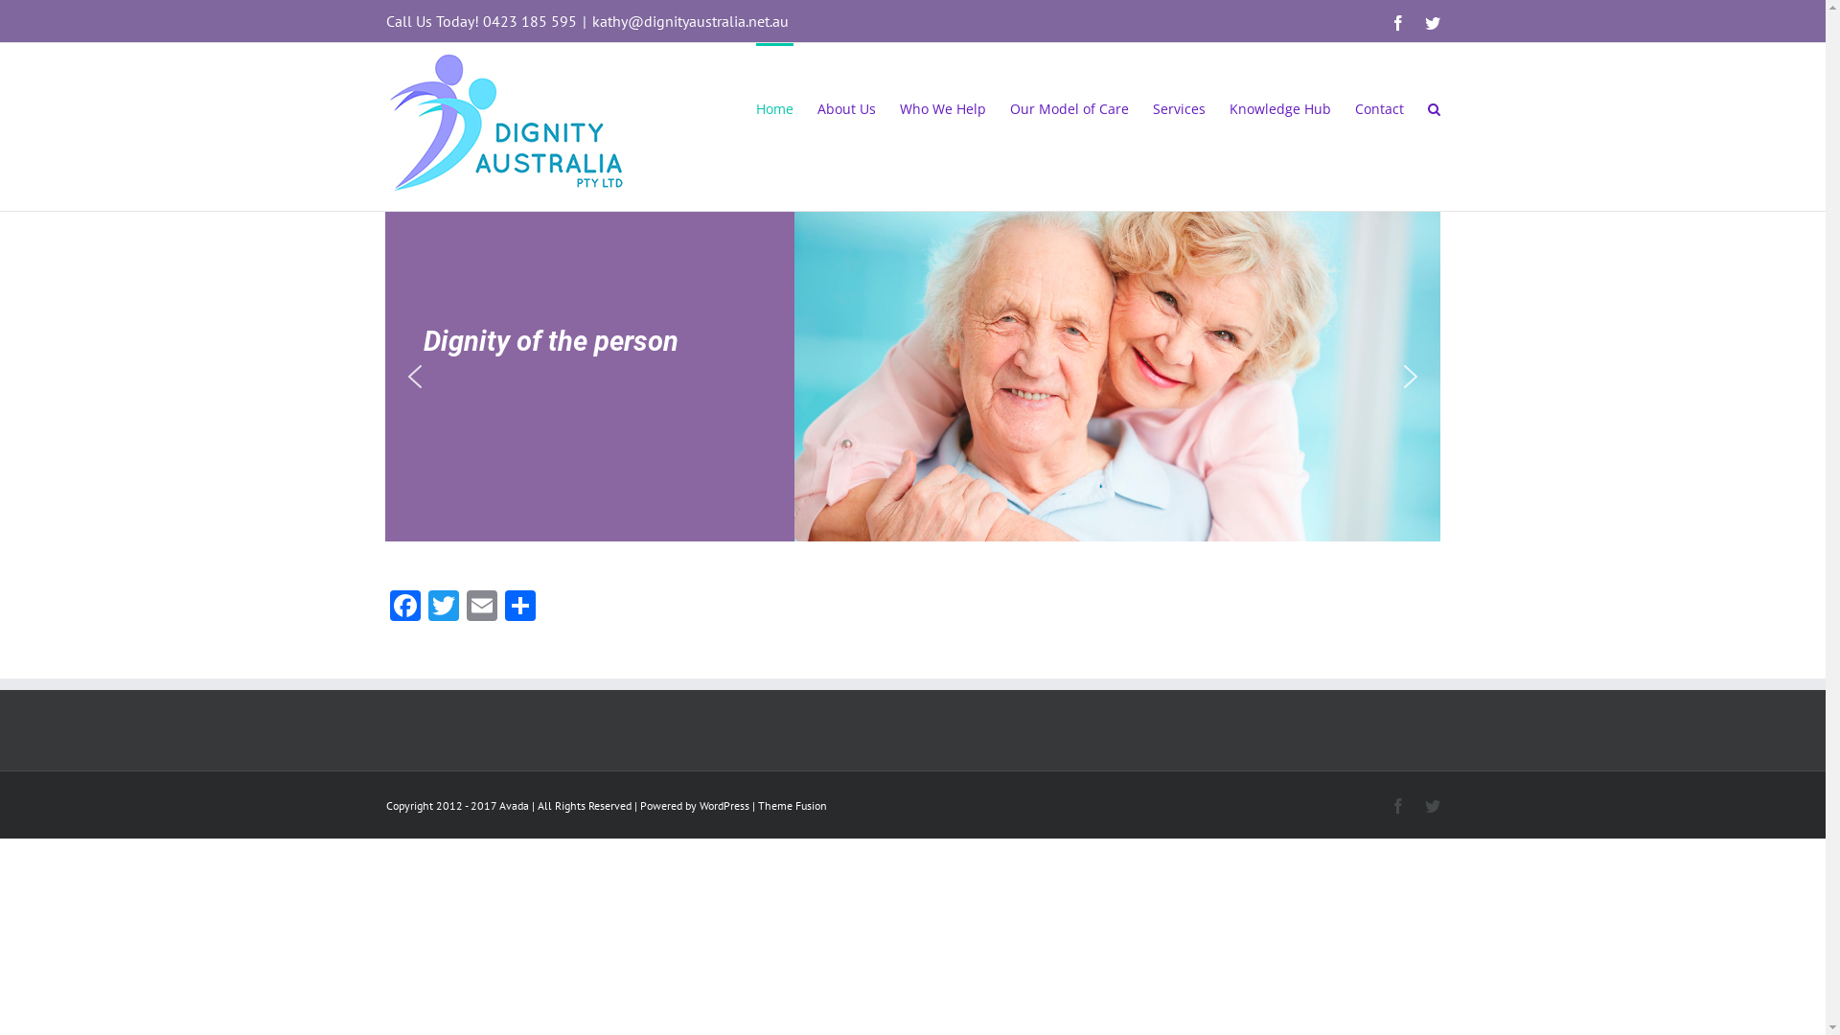 The height and width of the screenshot is (1035, 1840). What do you see at coordinates (773, 107) in the screenshot?
I see `'Home'` at bounding box center [773, 107].